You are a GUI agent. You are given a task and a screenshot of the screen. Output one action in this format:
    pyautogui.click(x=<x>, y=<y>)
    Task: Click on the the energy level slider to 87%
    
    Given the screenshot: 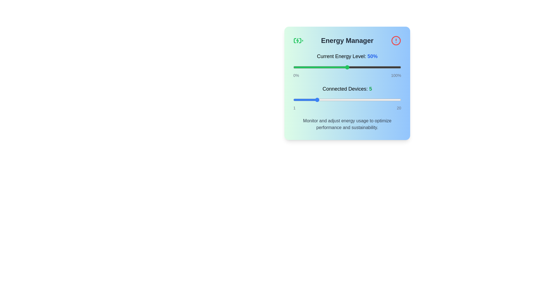 What is the action you would take?
    pyautogui.click(x=387, y=67)
    